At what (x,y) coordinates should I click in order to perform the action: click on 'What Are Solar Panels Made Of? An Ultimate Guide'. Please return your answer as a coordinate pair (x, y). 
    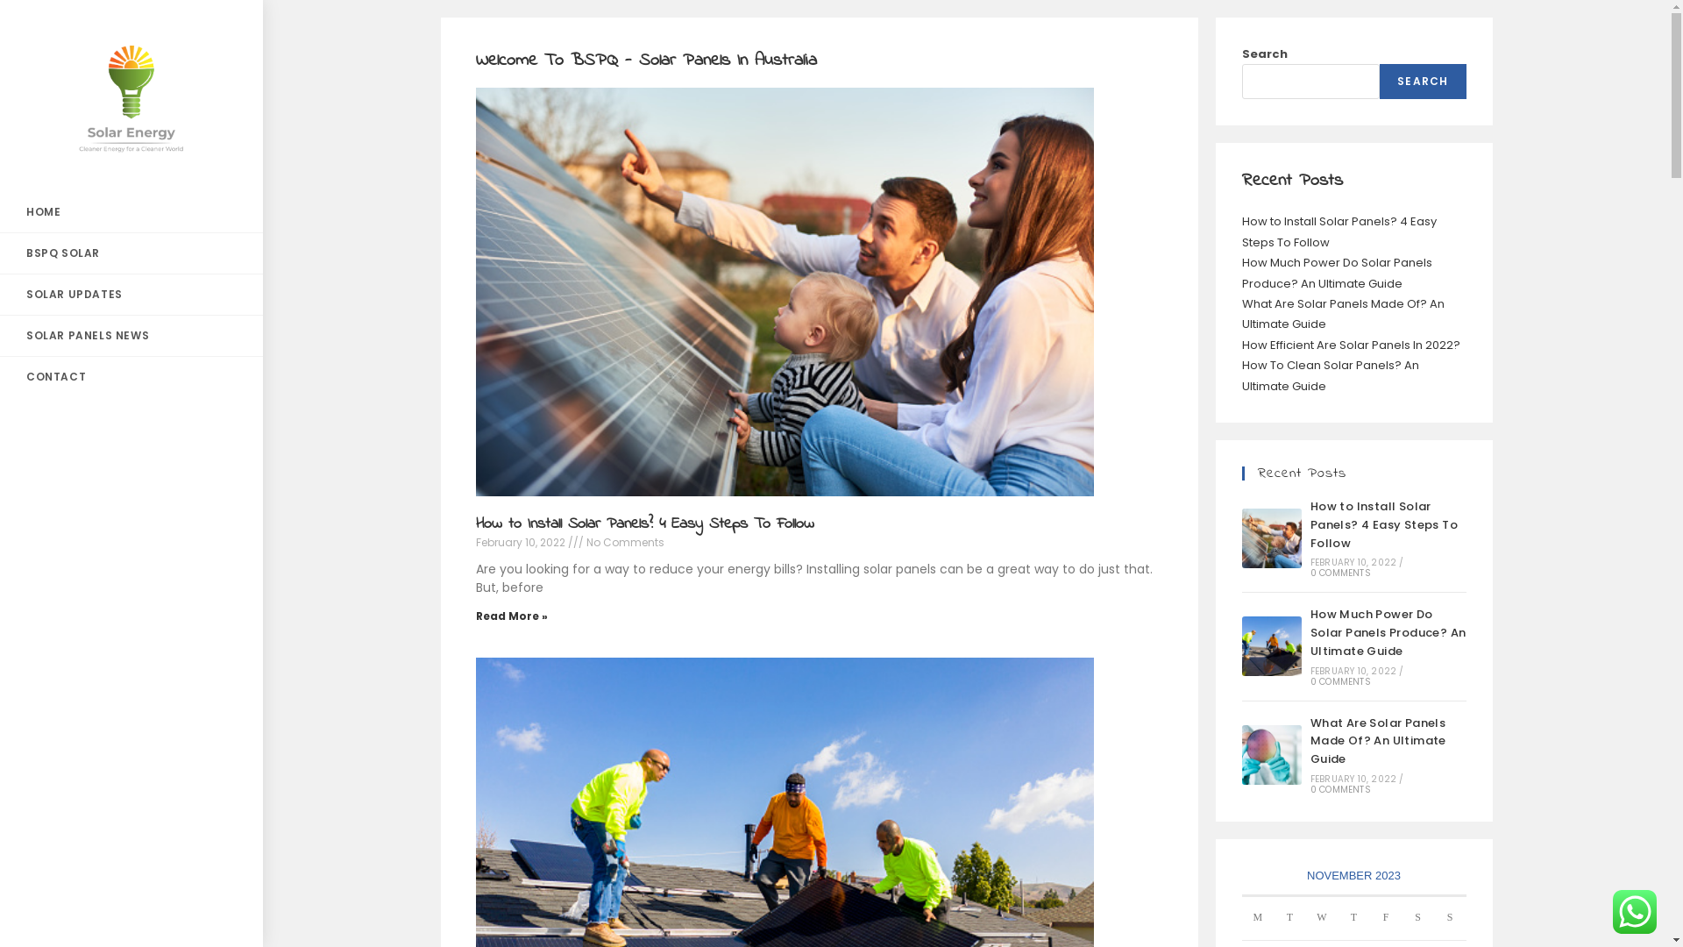
    Looking at the image, I should click on (1270, 753).